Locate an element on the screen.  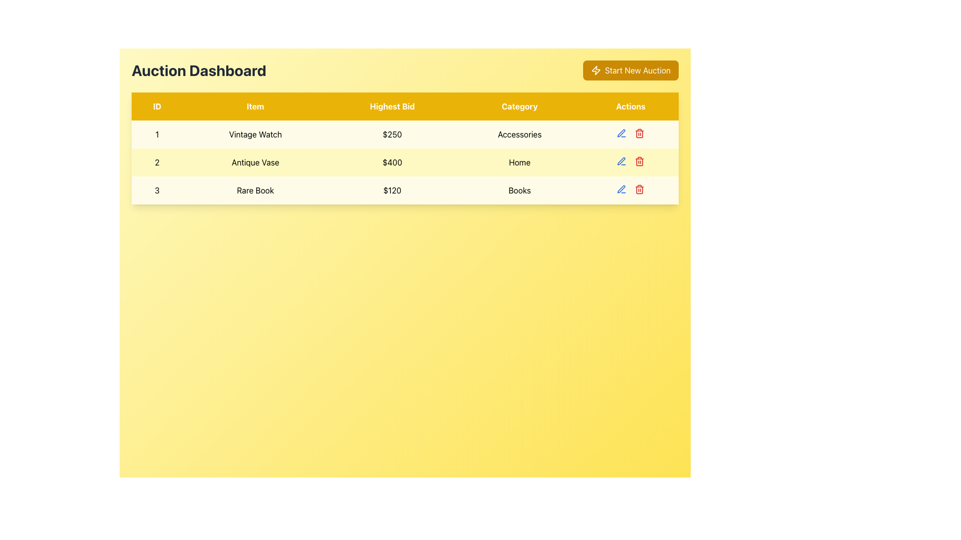
the red trashcan-shaped icon in the 'Actions' column of the third row is located at coordinates (639, 189).